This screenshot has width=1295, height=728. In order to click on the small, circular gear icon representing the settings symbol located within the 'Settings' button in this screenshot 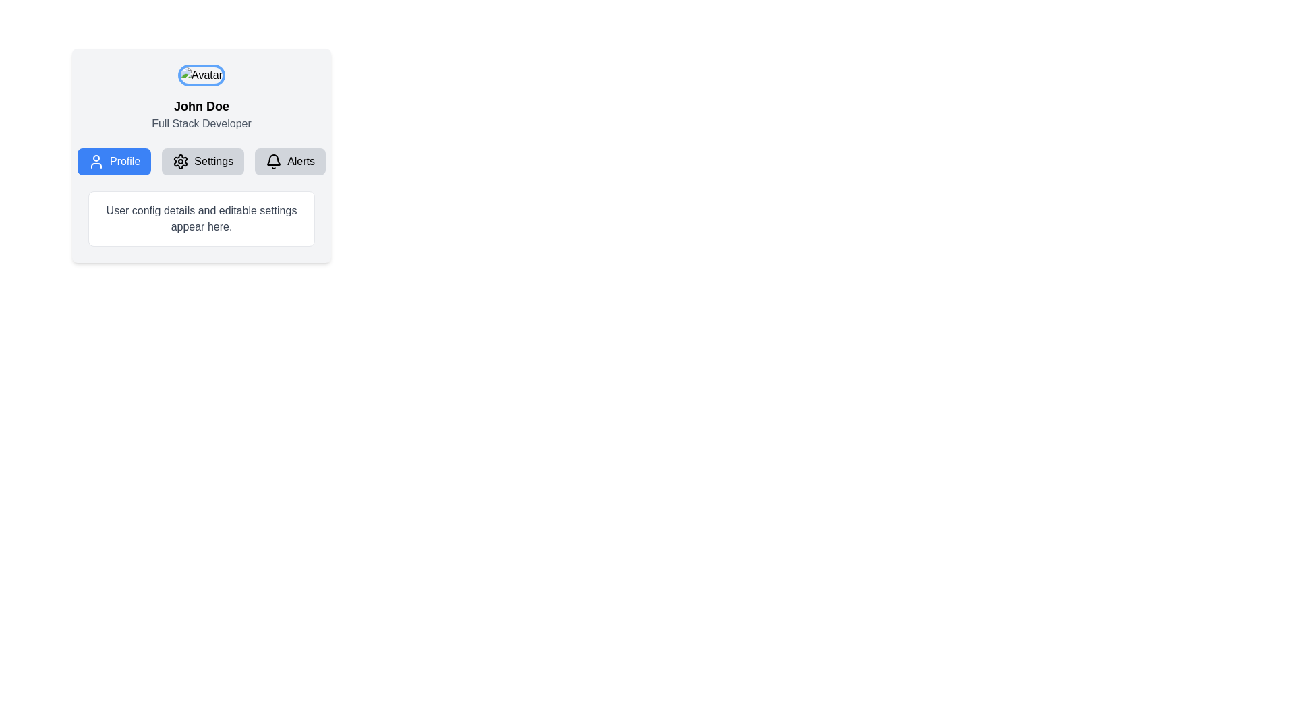, I will do `click(180, 160)`.